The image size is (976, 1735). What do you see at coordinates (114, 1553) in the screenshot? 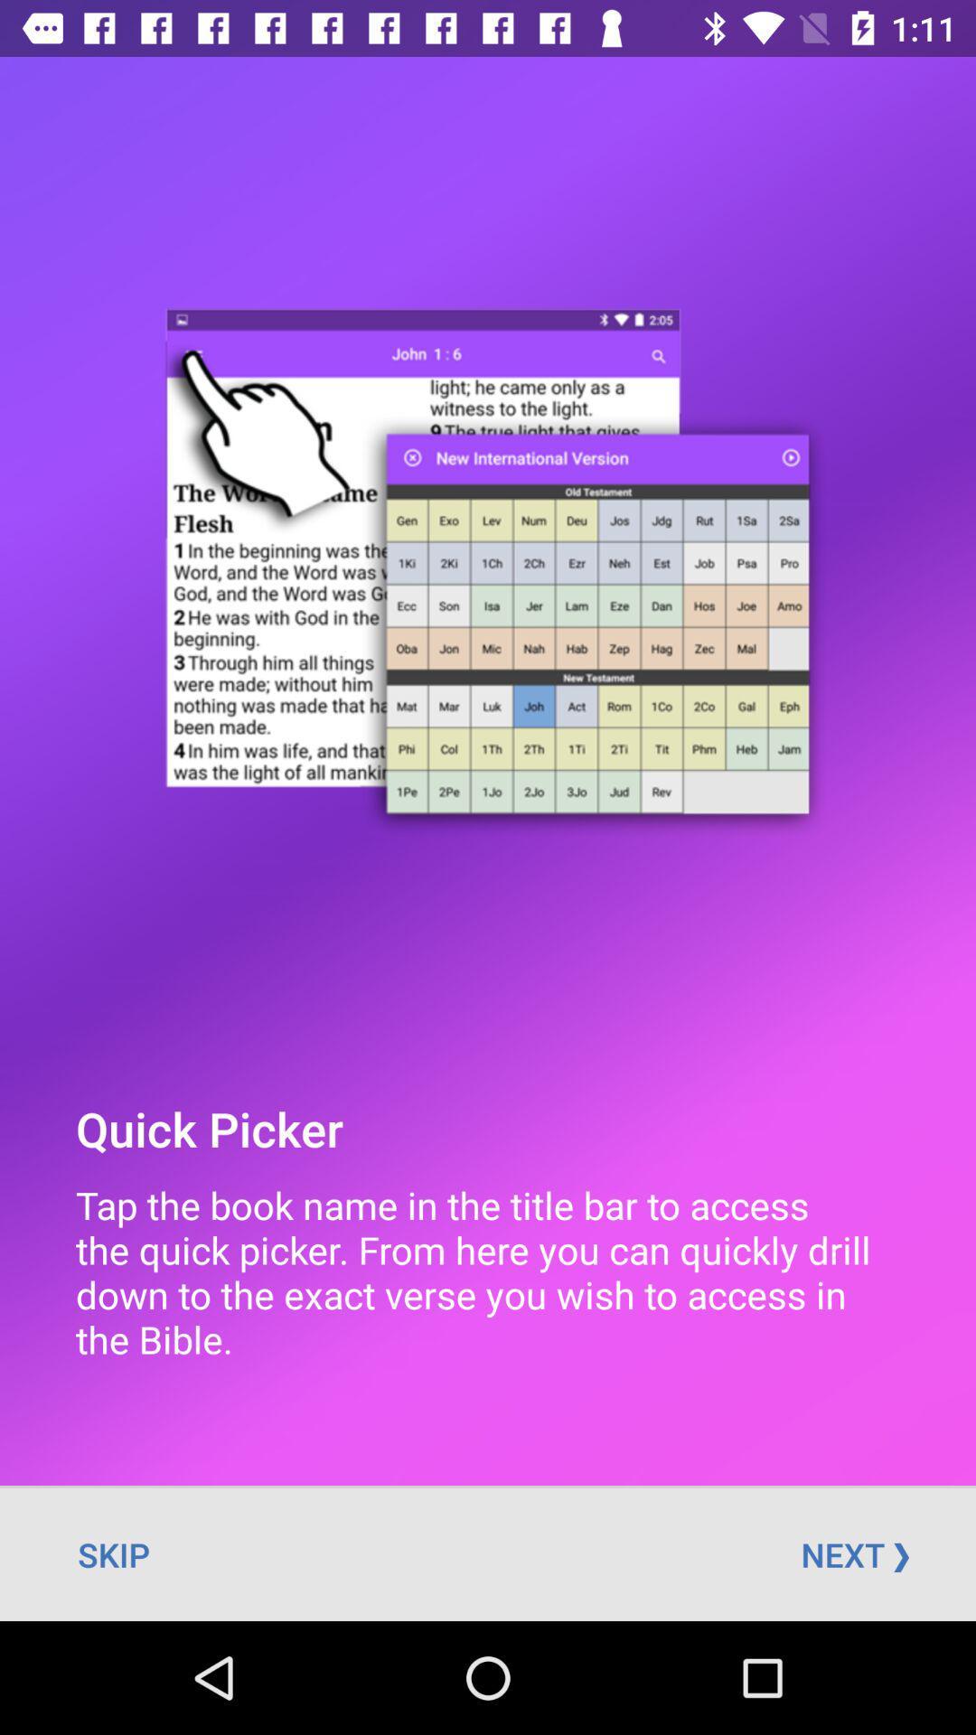
I see `the skip item` at bounding box center [114, 1553].